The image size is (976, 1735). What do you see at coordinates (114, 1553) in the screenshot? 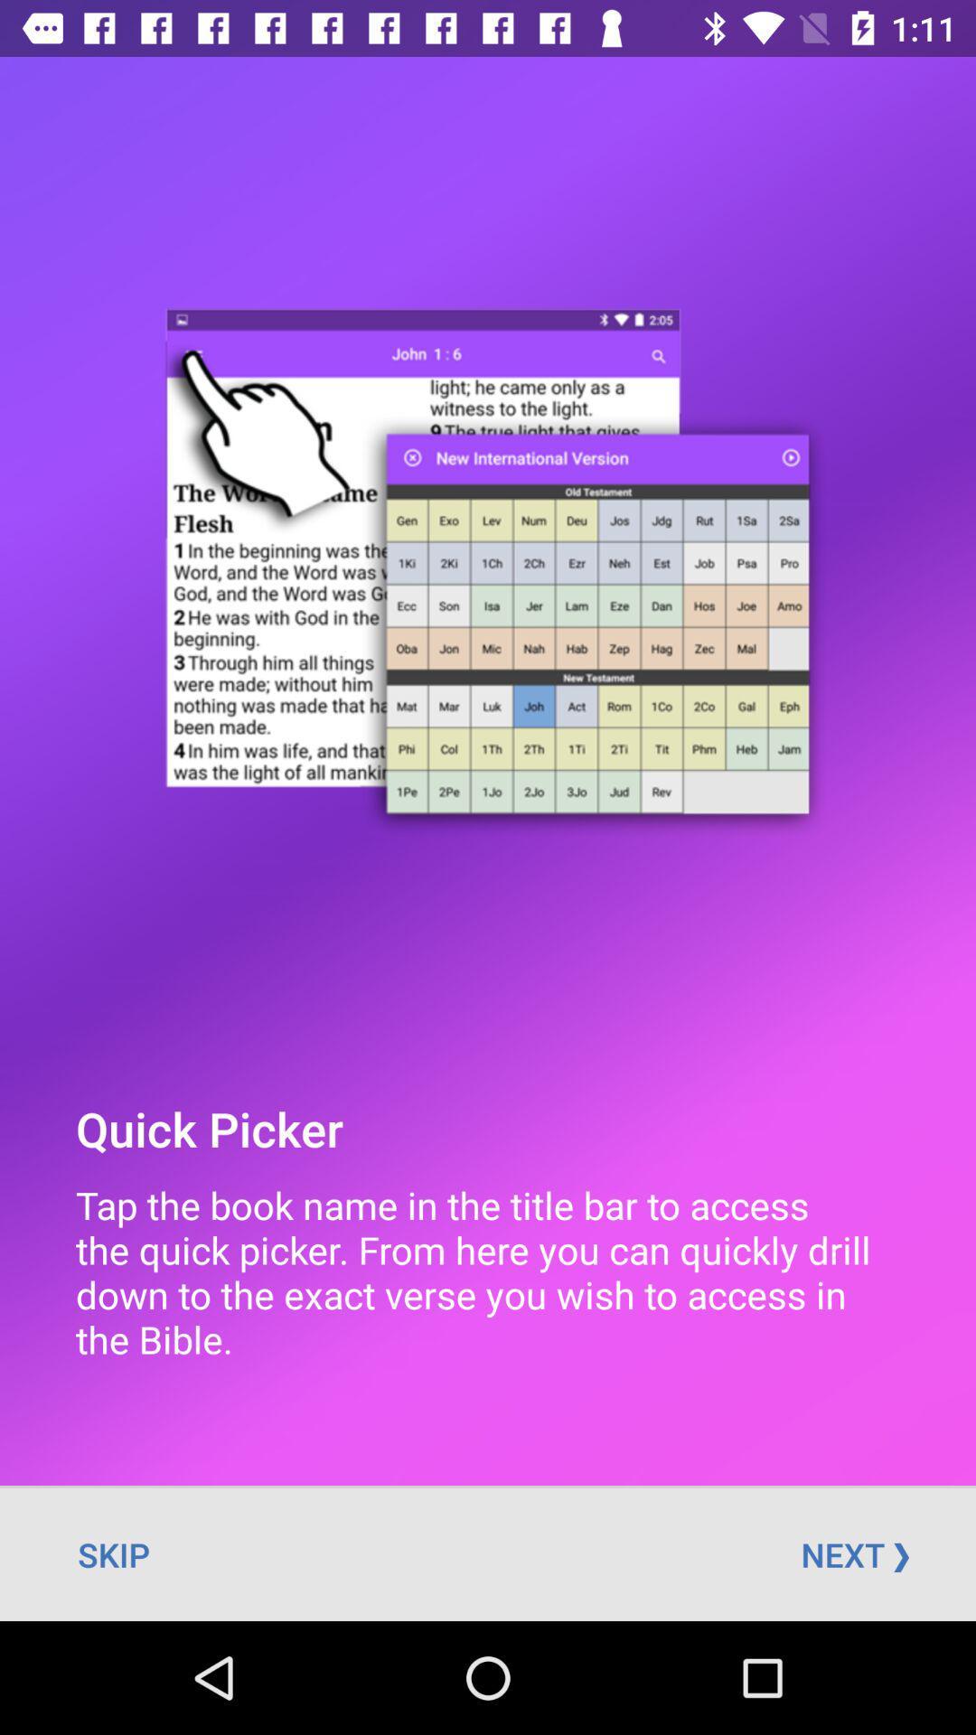
I see `the skip item` at bounding box center [114, 1553].